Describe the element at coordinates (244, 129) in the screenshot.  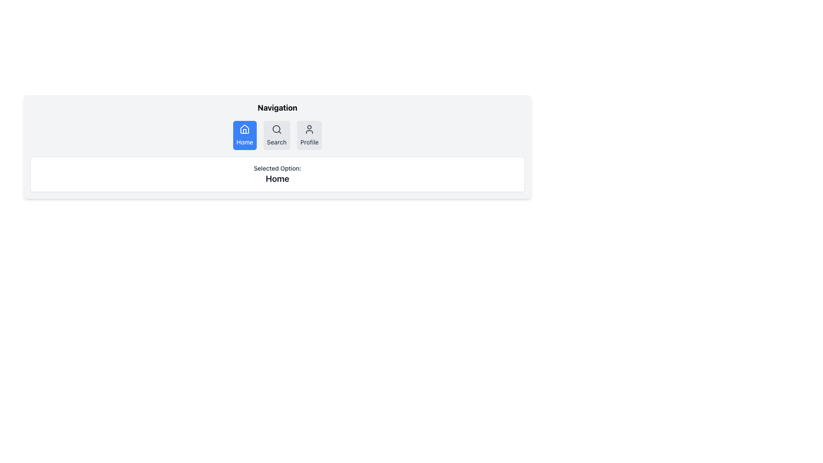
I see `the 'Home' navigational button icon located in the navigation bar` at that location.